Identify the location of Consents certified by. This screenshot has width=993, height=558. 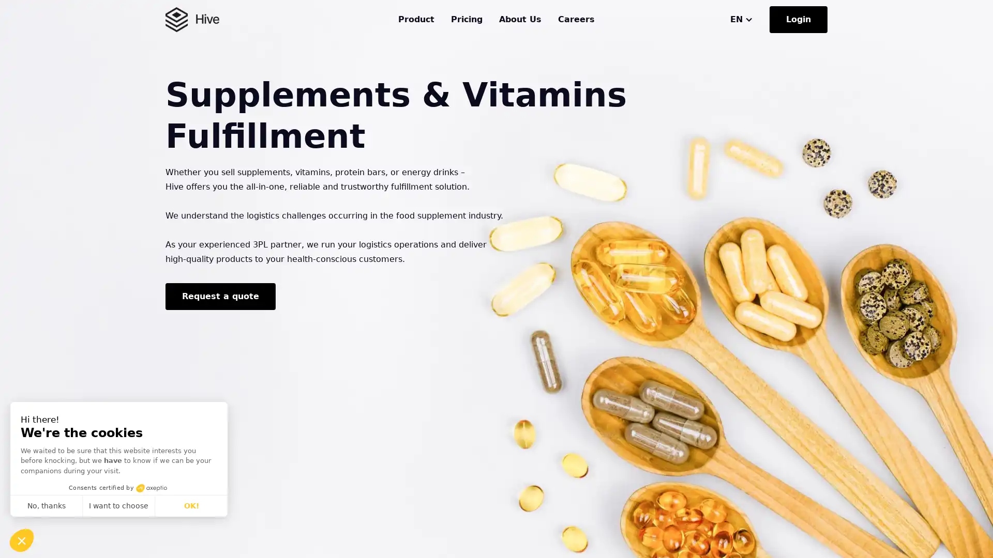
(118, 488).